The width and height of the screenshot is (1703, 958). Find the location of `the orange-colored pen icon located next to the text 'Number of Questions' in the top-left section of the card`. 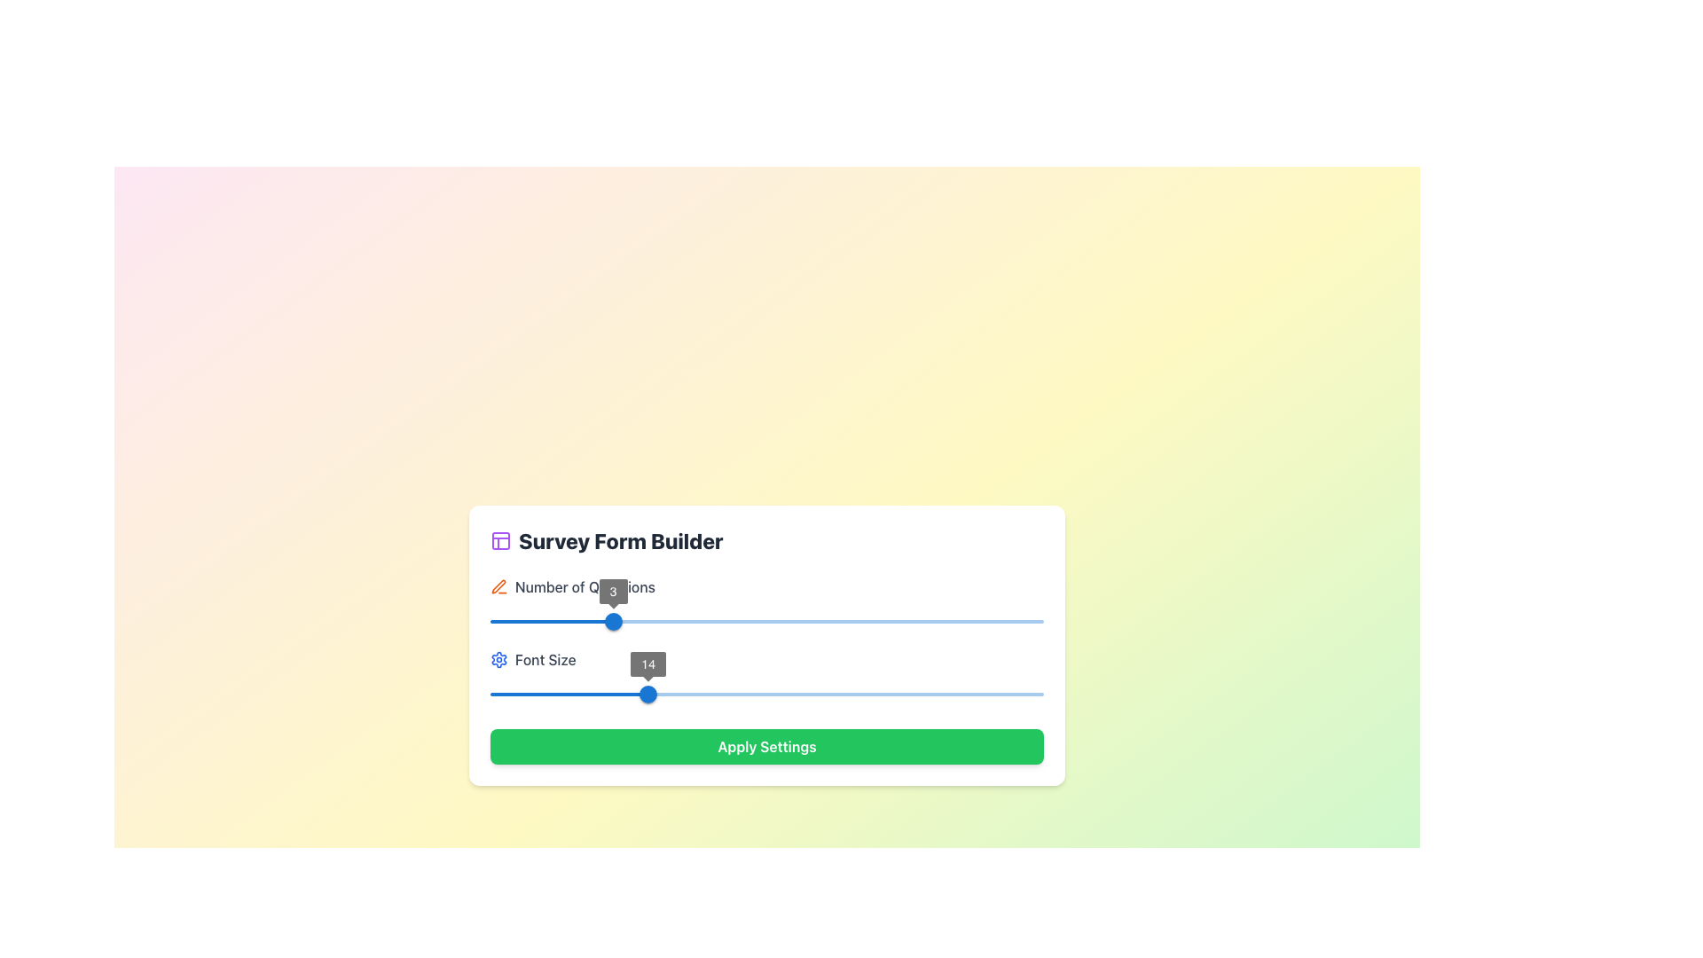

the orange-colored pen icon located next to the text 'Number of Questions' in the top-left section of the card is located at coordinates (498, 587).